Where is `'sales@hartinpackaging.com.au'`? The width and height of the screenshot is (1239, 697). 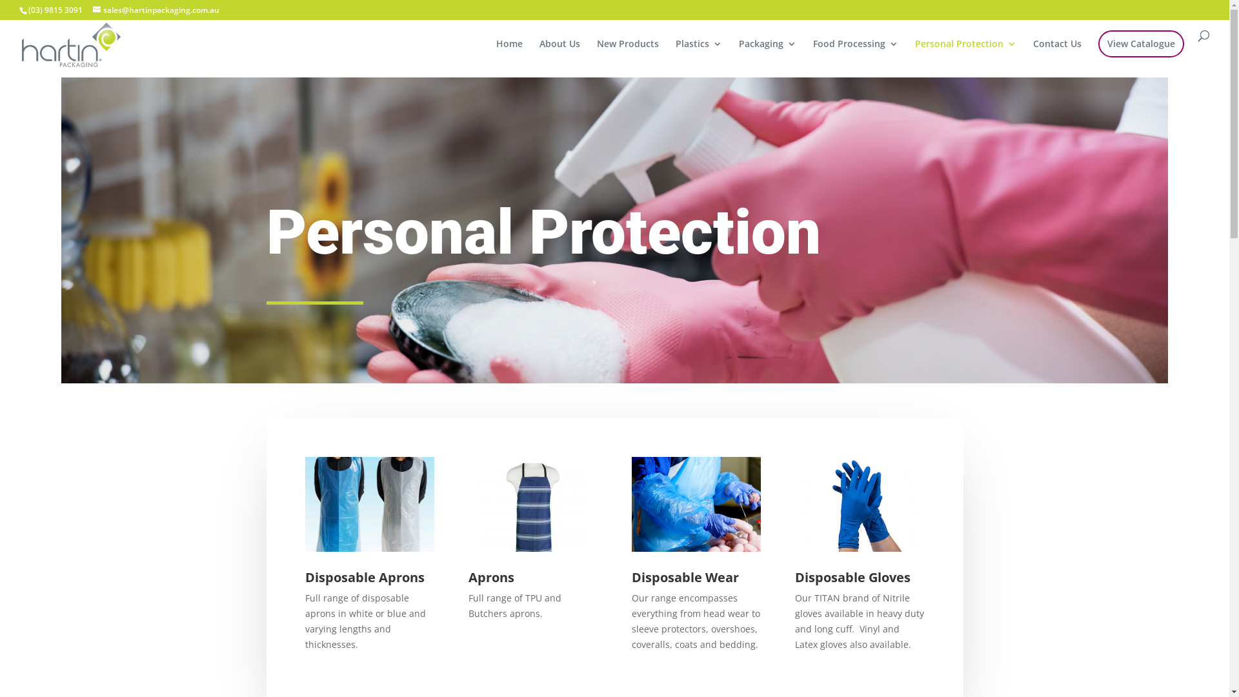 'sales@hartinpackaging.com.au' is located at coordinates (155, 10).